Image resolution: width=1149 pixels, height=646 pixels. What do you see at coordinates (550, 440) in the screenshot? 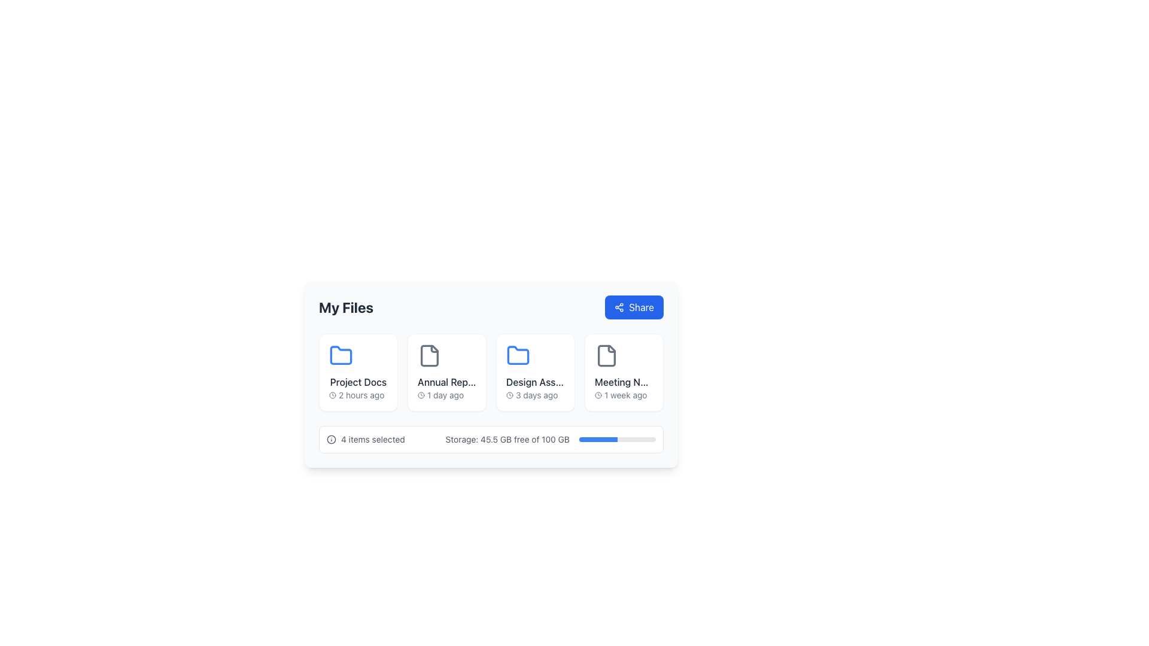
I see `the progress bar displaying storage information, which is part of the Information display component located in the lower section of the card interface, adjacent to the text '4 items selected'` at bounding box center [550, 440].